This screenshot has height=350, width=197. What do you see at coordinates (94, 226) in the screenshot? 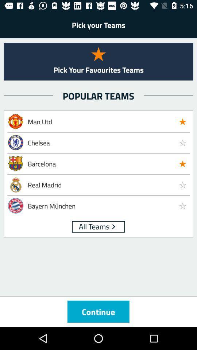
I see `all teams item` at bounding box center [94, 226].